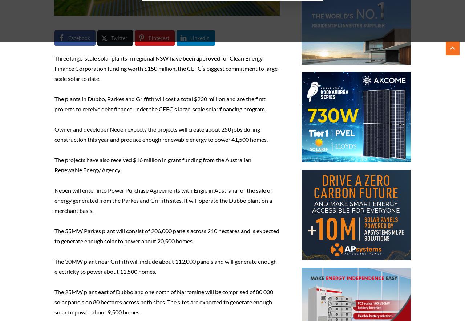 The width and height of the screenshot is (465, 321). I want to click on 'Facebook', so click(79, 38).